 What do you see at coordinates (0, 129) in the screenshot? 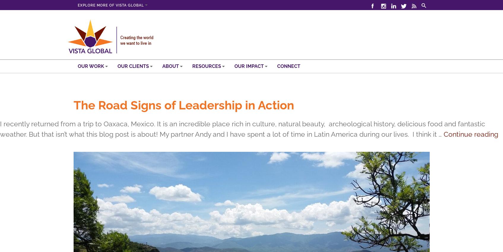
I see `'I recently returned from a trip to Oaxaca, Mexico. It is an incredible place rich in culture, natural beauty,  archeological history, delicious food and fantastic weather. But that isn’t what this blog post is about! My partner Andy and I have spent a lot of time in Latin America during our lives.  I think it …'` at bounding box center [0, 129].